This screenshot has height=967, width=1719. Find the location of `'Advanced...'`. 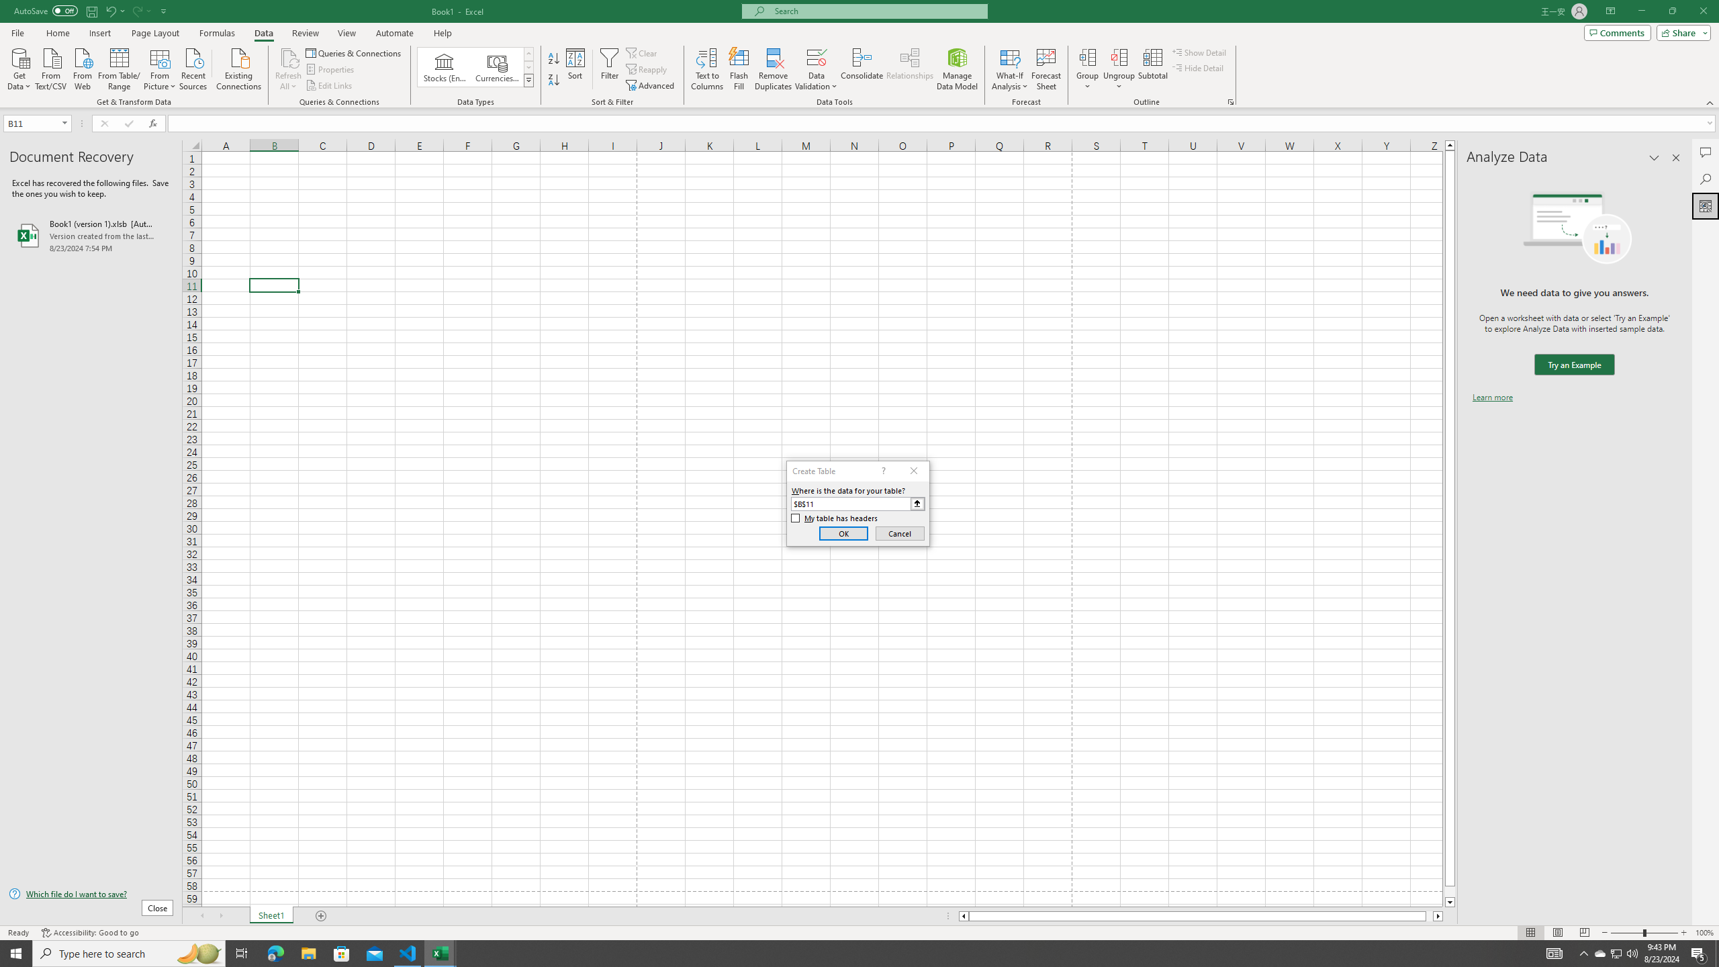

'Advanced...' is located at coordinates (651, 85).